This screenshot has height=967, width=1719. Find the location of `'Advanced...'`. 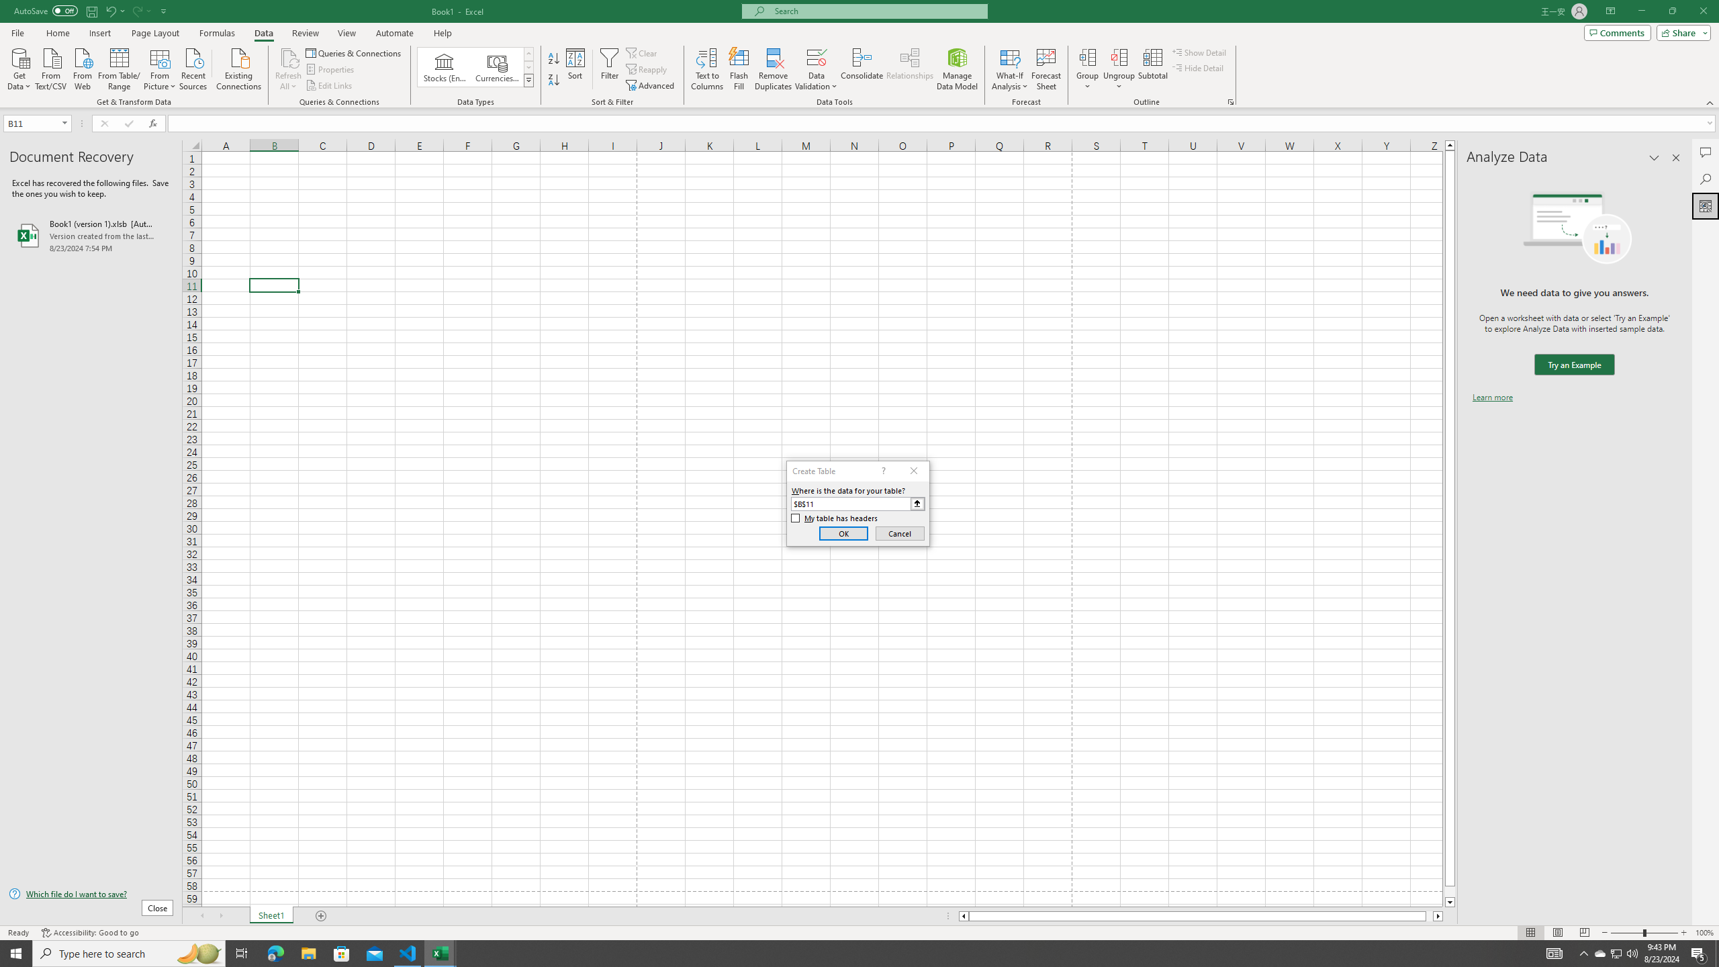

'Advanced...' is located at coordinates (651, 85).